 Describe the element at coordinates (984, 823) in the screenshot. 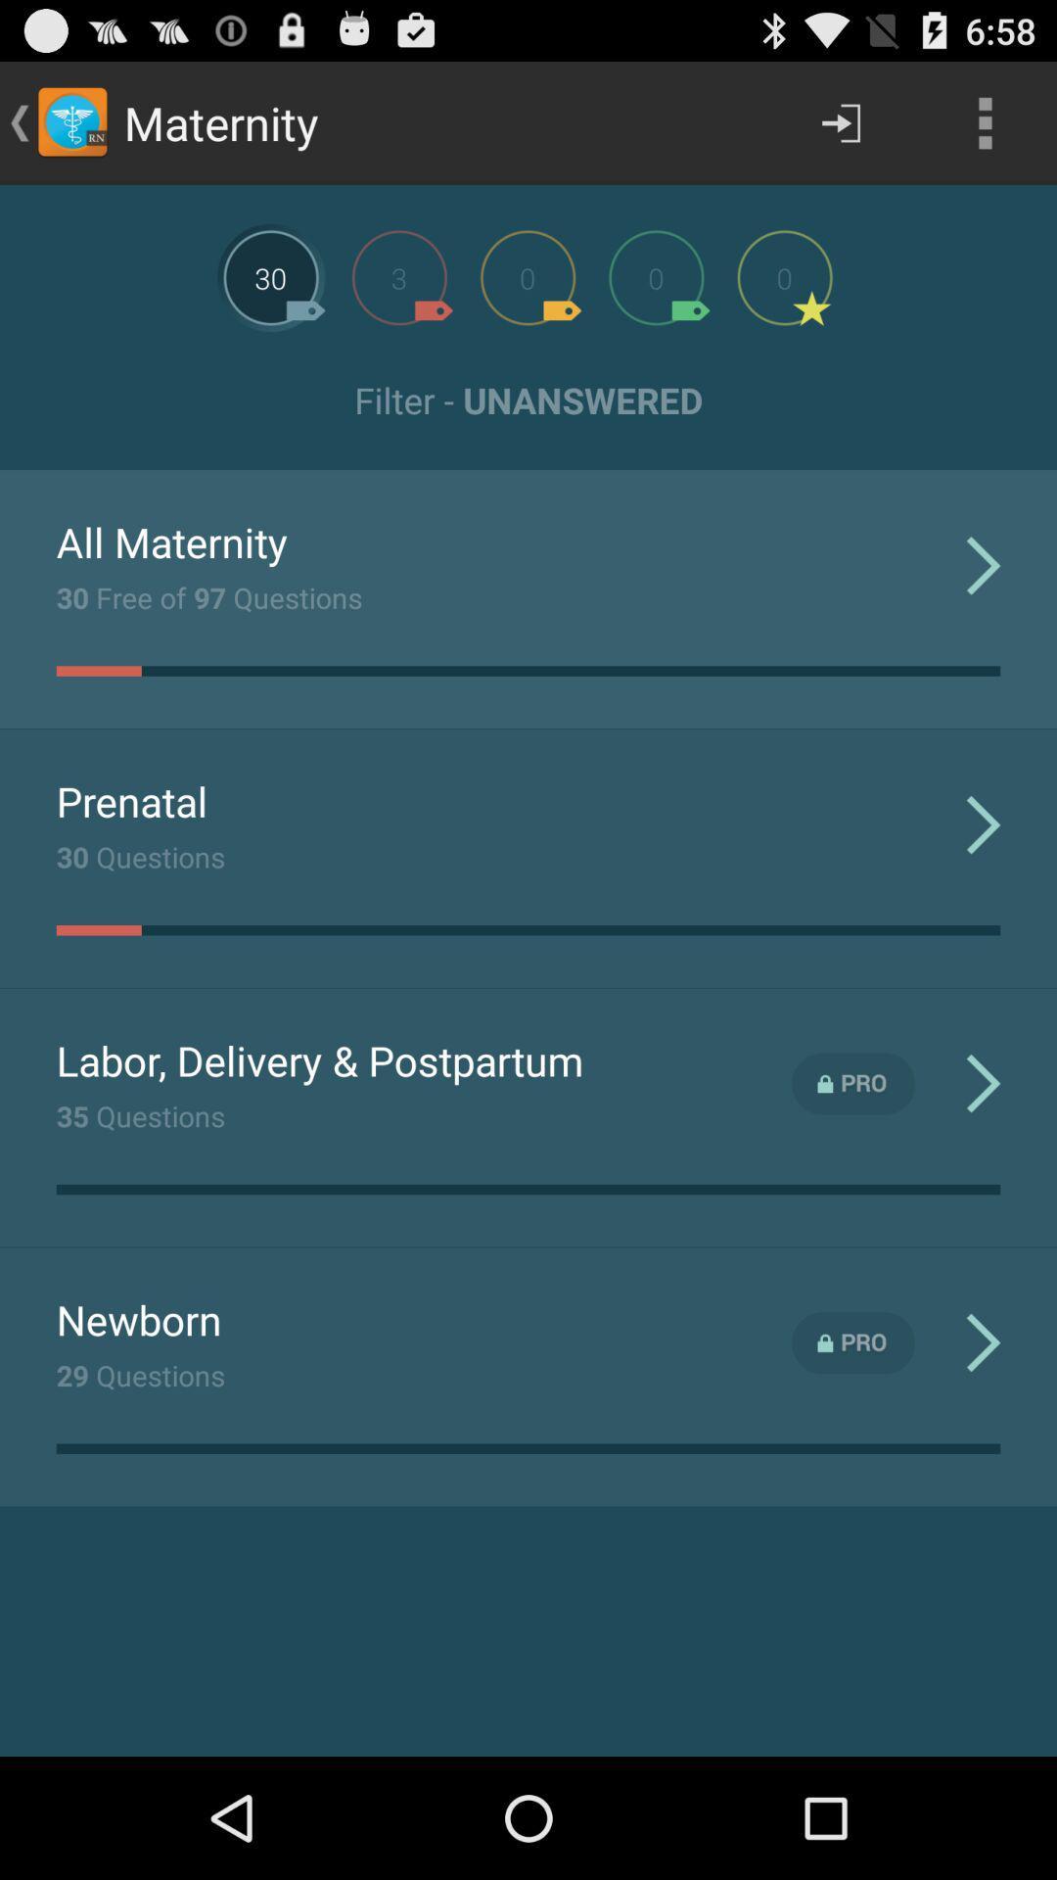

I see `the second arrow` at that location.